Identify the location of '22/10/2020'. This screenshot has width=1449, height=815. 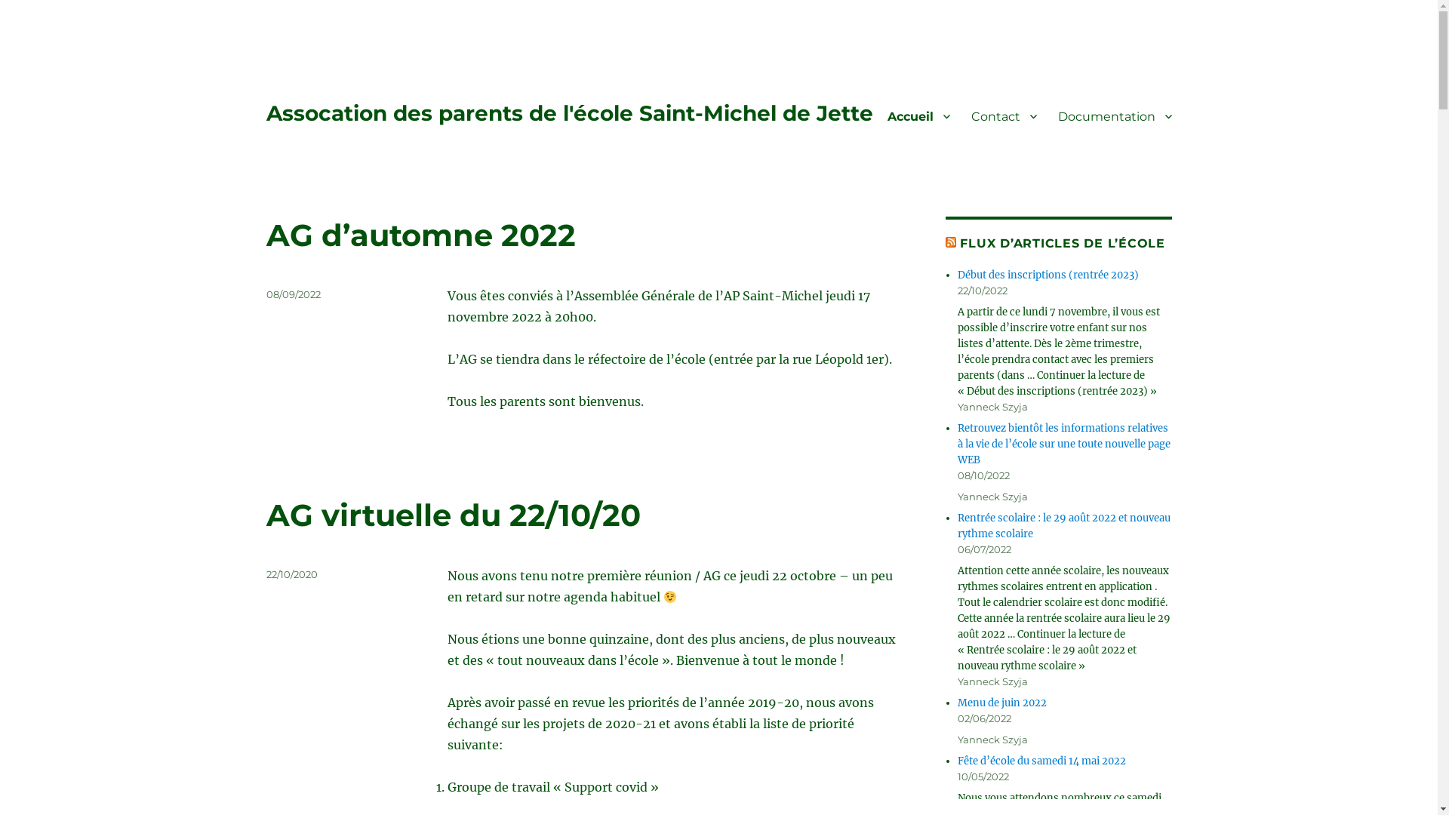
(291, 574).